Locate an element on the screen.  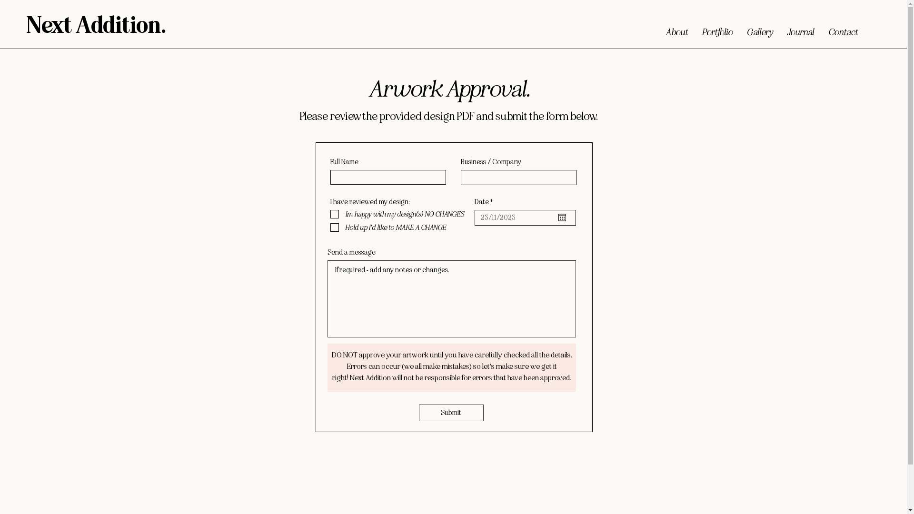
'Portfolio' is located at coordinates (717, 29).